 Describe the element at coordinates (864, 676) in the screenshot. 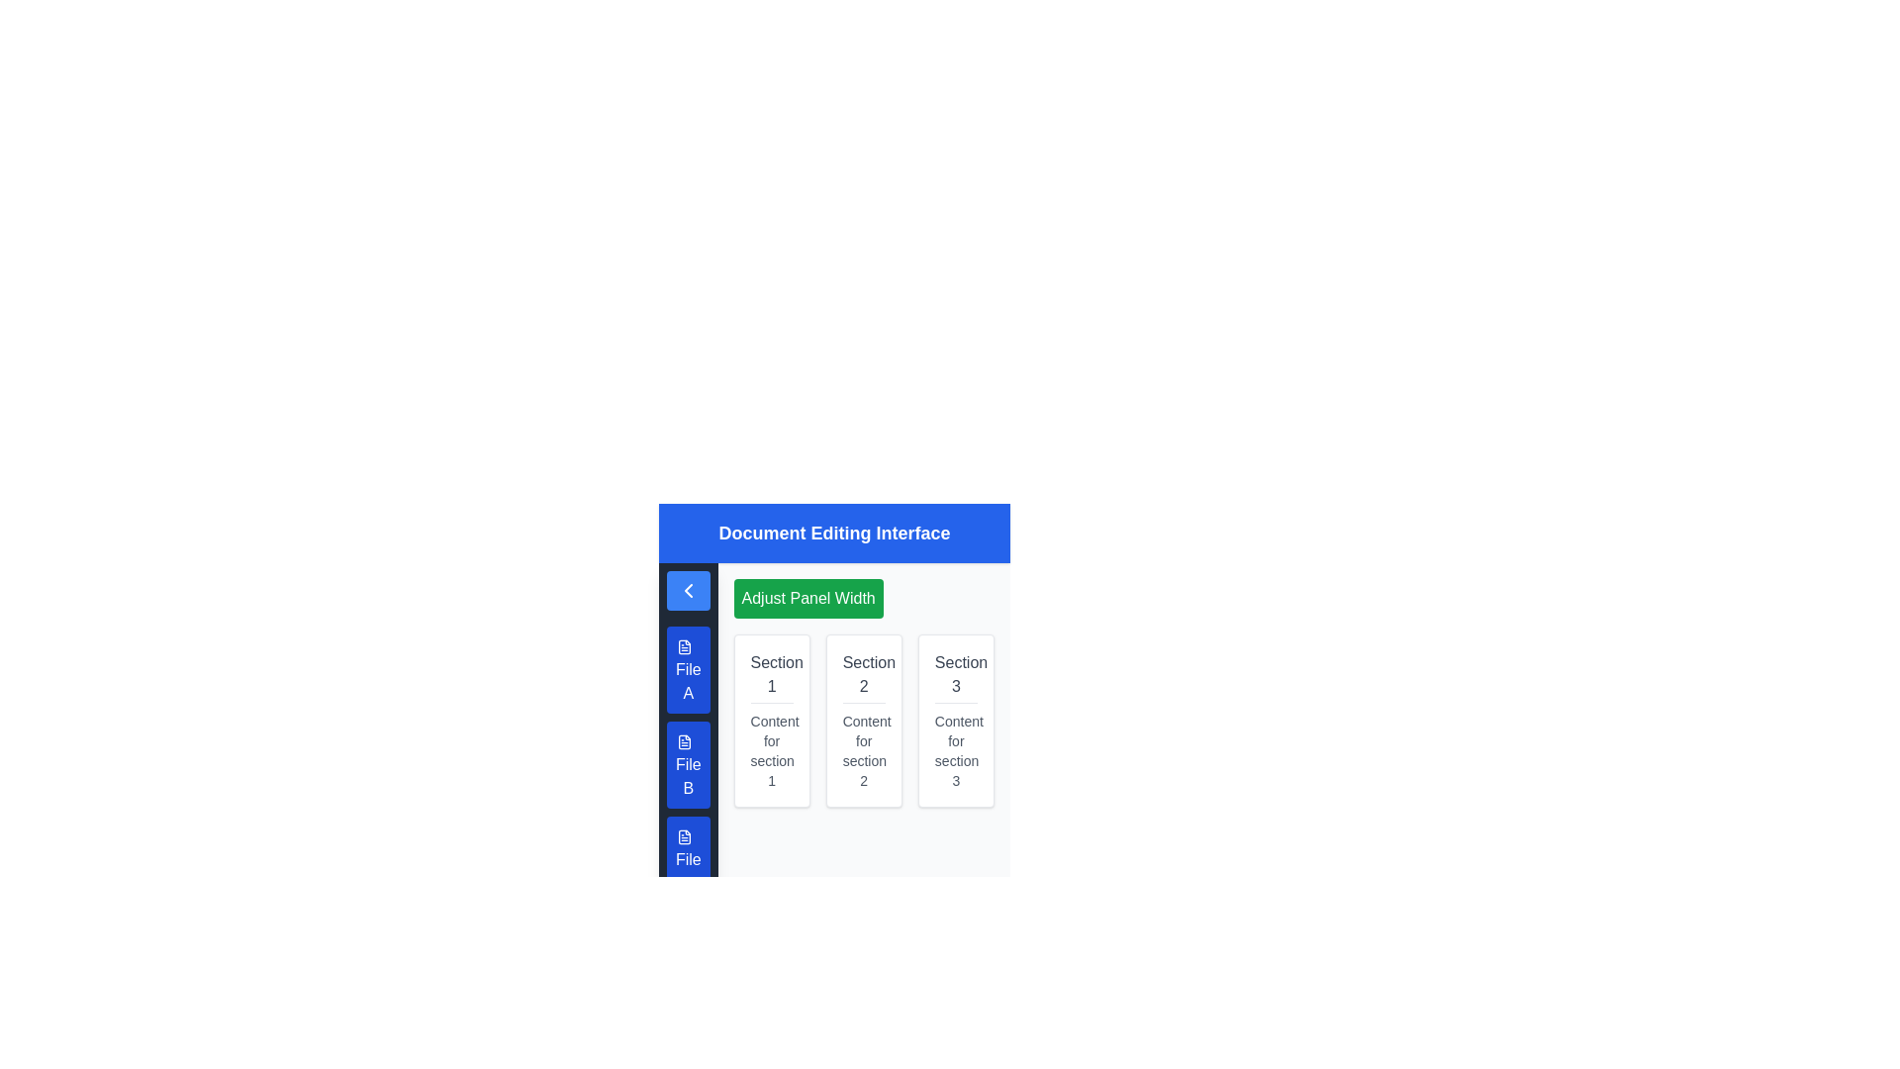

I see `the Text Label that serves as the heading for the associated card, positioned at the center of the card list` at that location.